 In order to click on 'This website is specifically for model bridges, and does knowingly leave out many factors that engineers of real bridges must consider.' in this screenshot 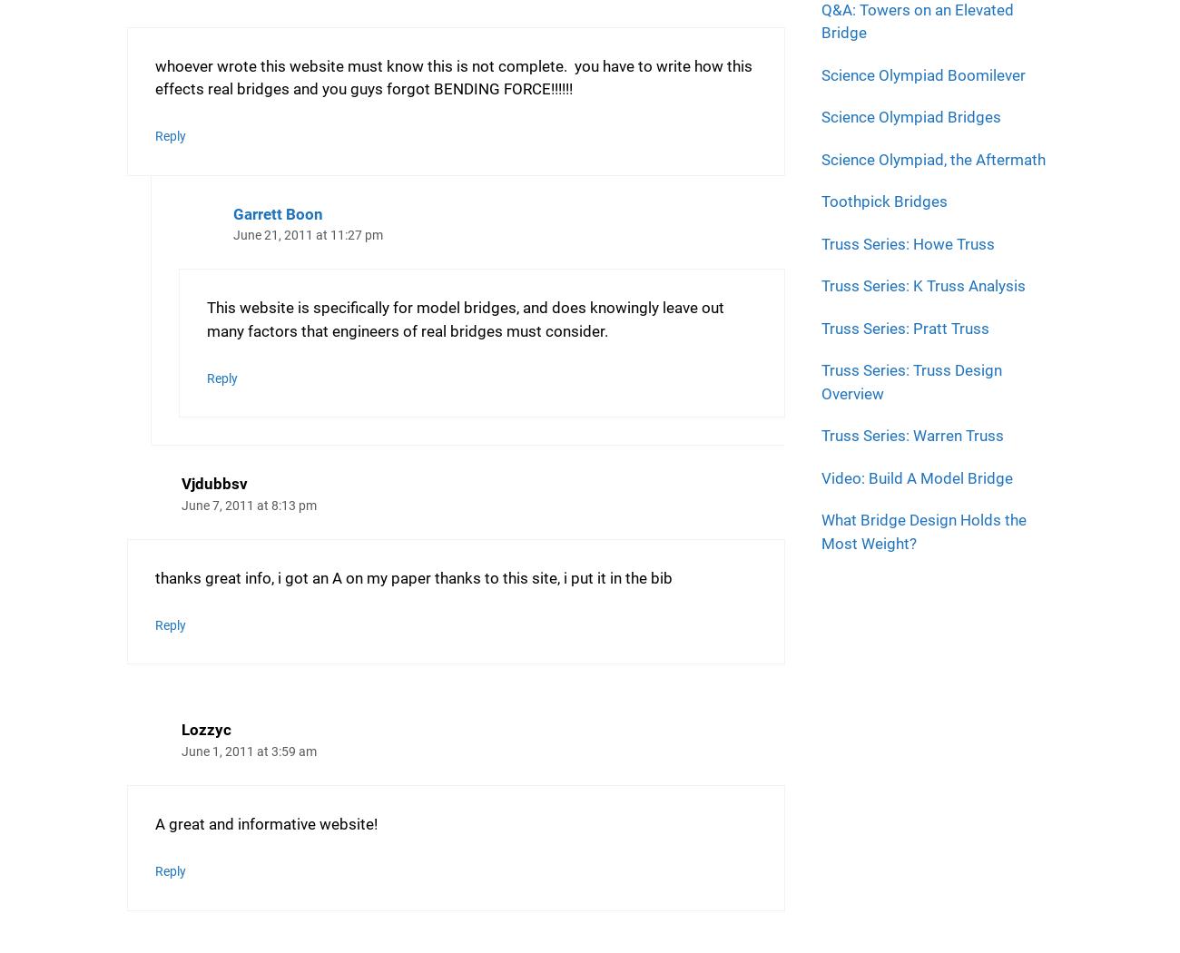, I will do `click(464, 318)`.